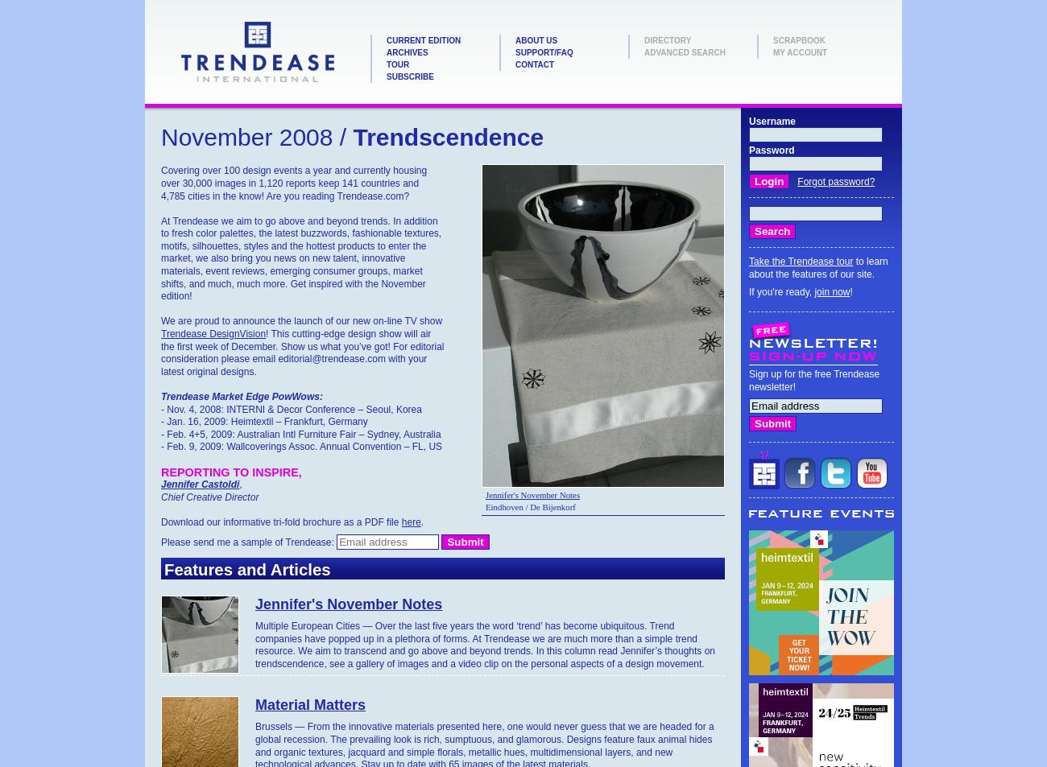 The width and height of the screenshot is (1047, 767). Describe the element at coordinates (160, 351) in the screenshot. I see `'! This cutting-edge design show will air the first week of December.  Show us what you’ve got!  For editorial consideration please email editorial@trendease.com with your latest original designs.'` at that location.